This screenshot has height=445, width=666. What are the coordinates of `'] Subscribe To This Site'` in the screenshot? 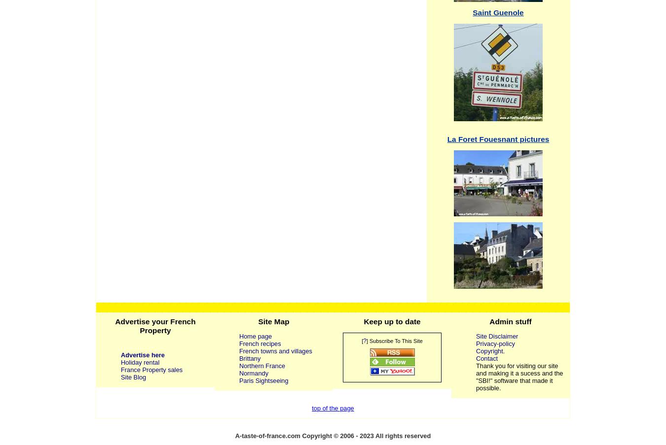 It's located at (394, 340).